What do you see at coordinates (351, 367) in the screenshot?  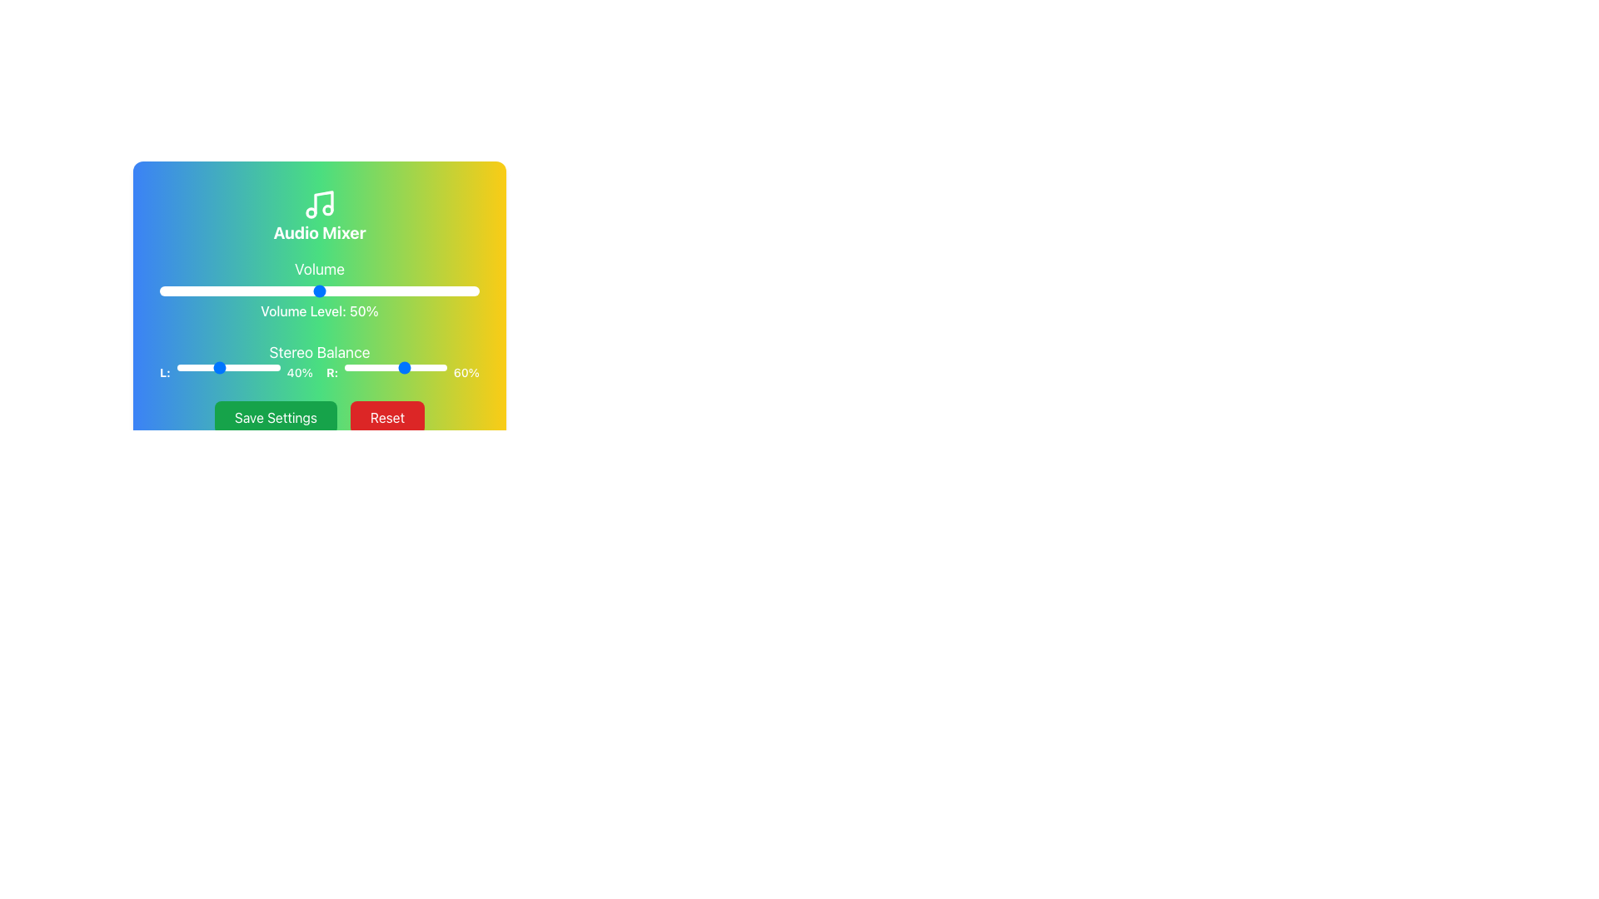 I see `the stereo balance` at bounding box center [351, 367].